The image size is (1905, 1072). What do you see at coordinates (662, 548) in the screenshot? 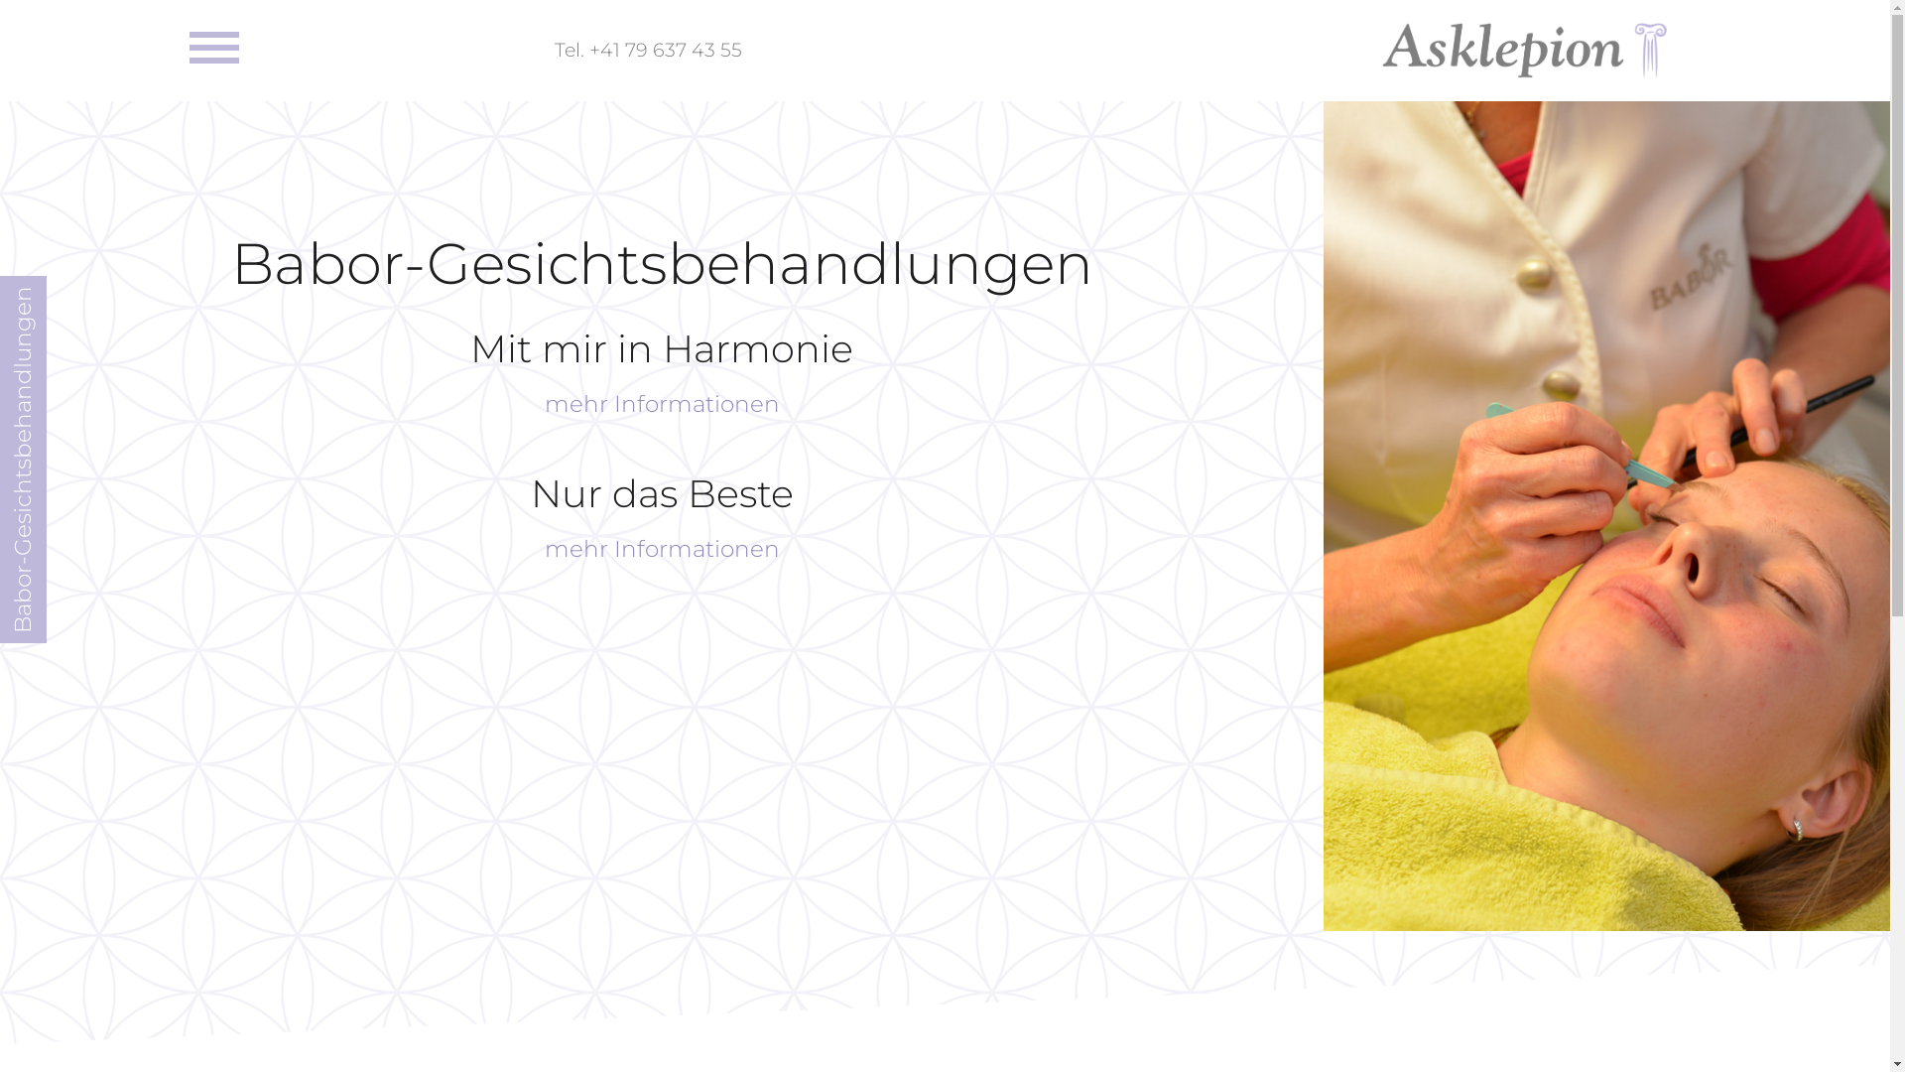
I see `'mehr Informationen'` at bounding box center [662, 548].